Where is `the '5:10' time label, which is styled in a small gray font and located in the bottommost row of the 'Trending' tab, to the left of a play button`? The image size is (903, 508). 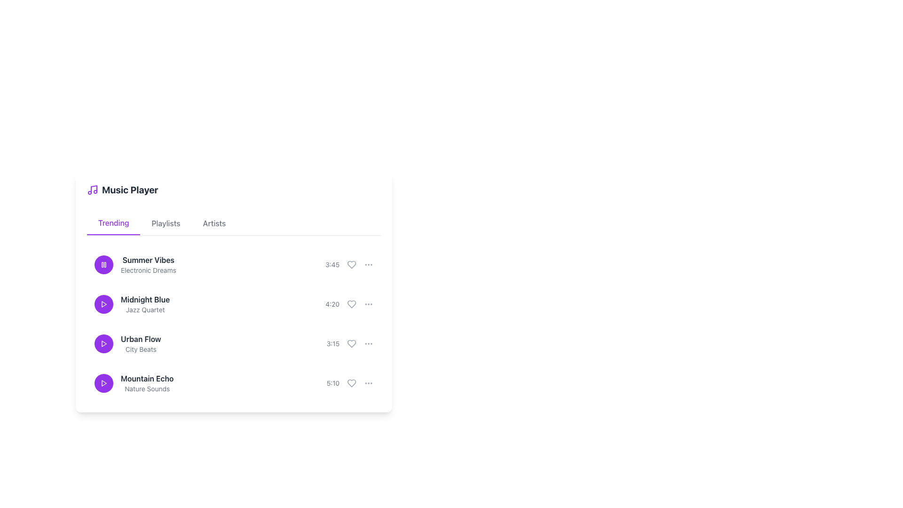 the '5:10' time label, which is styled in a small gray font and located in the bottommost row of the 'Trending' tab, to the left of a play button is located at coordinates (333, 383).